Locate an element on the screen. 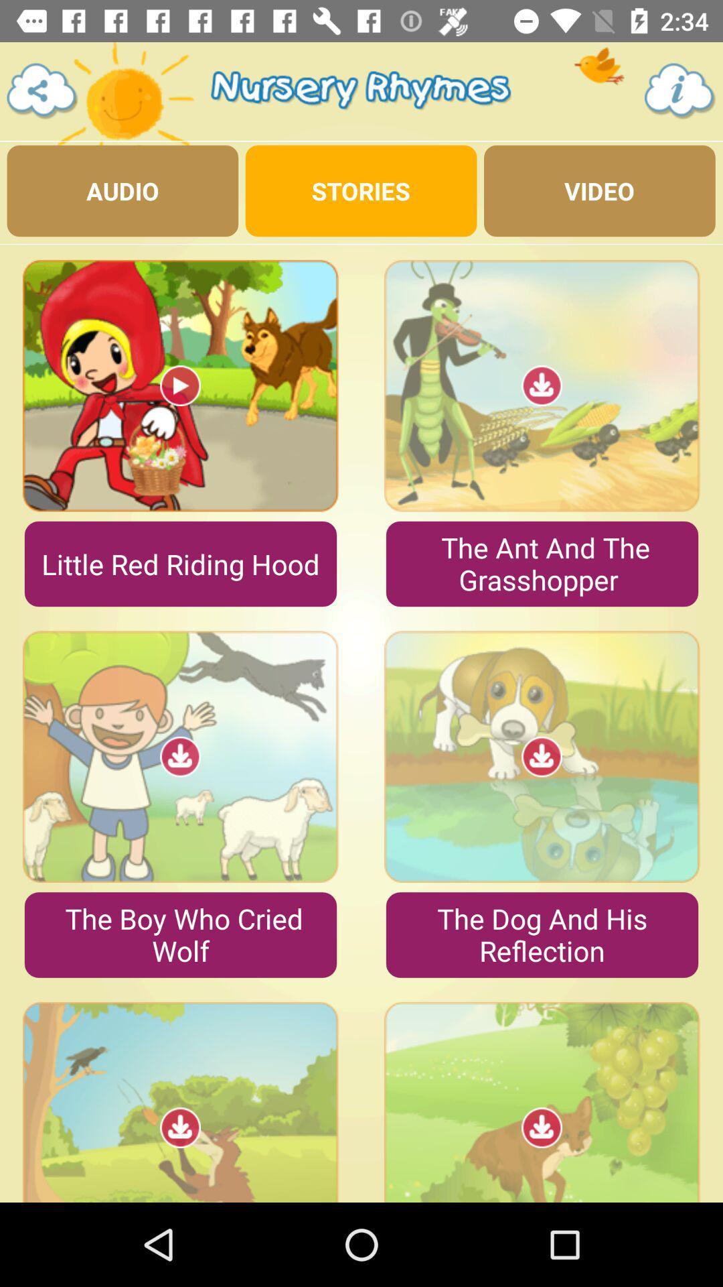 This screenshot has height=1287, width=723. sharing button is located at coordinates (42, 90).